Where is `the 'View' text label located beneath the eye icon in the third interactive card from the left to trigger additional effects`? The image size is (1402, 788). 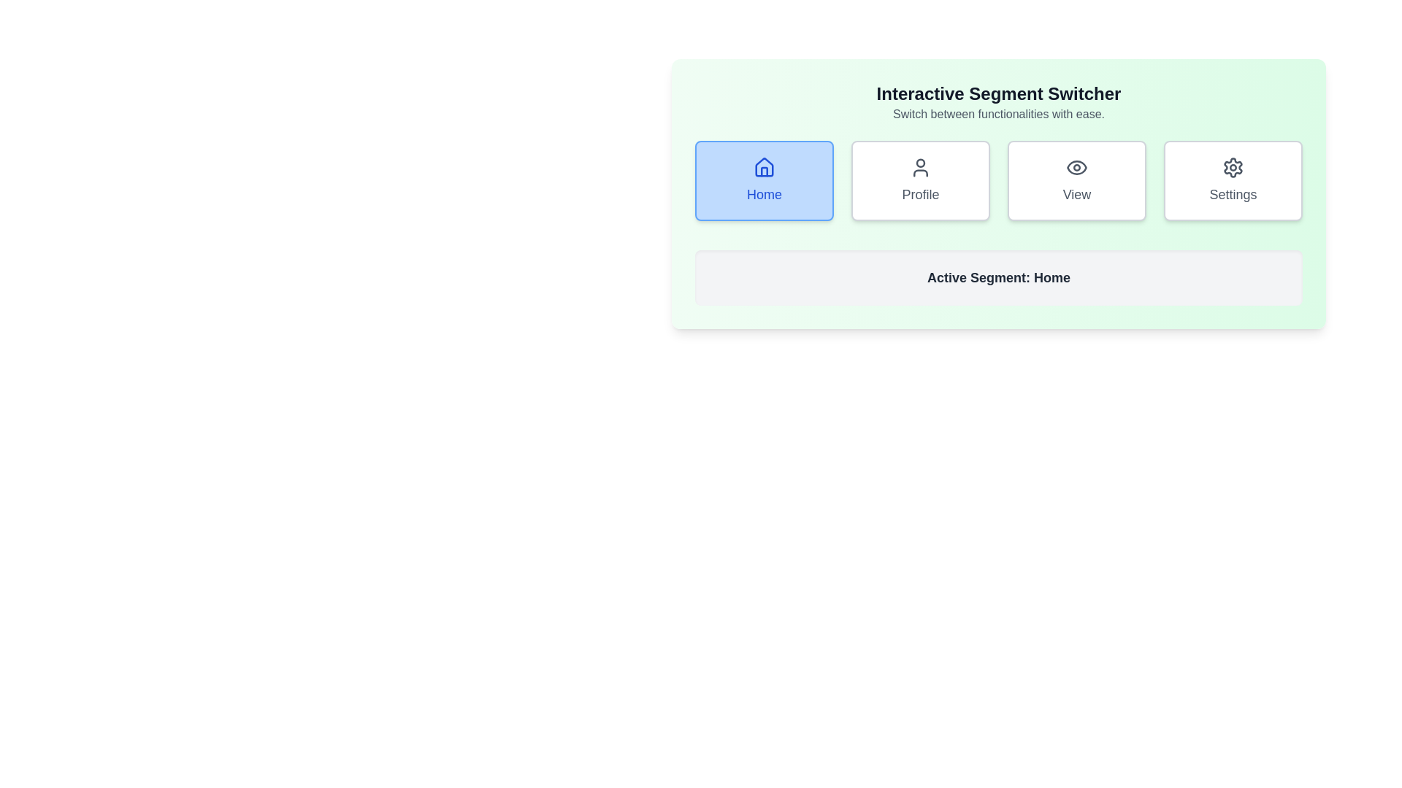 the 'View' text label located beneath the eye icon in the third interactive card from the left to trigger additional effects is located at coordinates (1076, 193).